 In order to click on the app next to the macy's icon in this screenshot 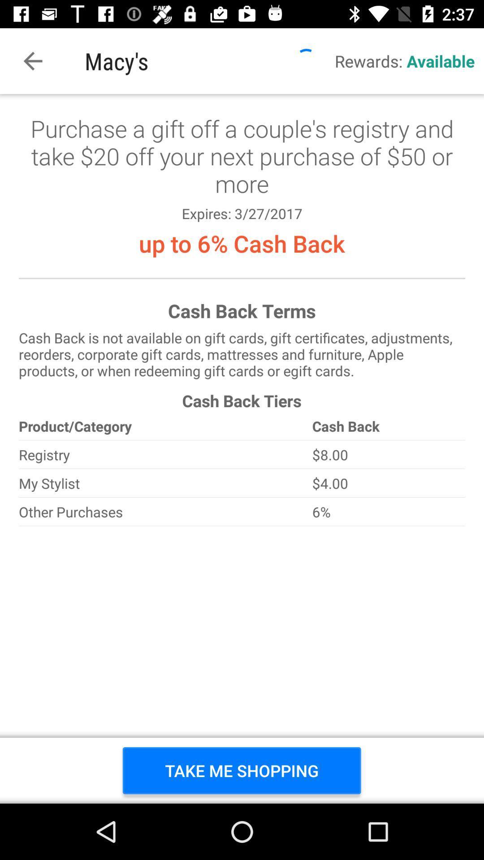, I will do `click(32, 60)`.